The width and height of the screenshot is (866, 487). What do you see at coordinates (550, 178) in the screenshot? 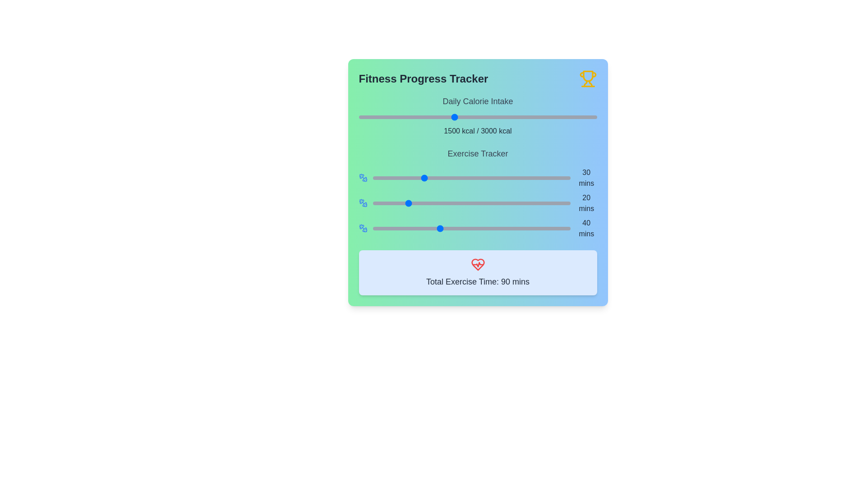
I see `the slider value` at bounding box center [550, 178].